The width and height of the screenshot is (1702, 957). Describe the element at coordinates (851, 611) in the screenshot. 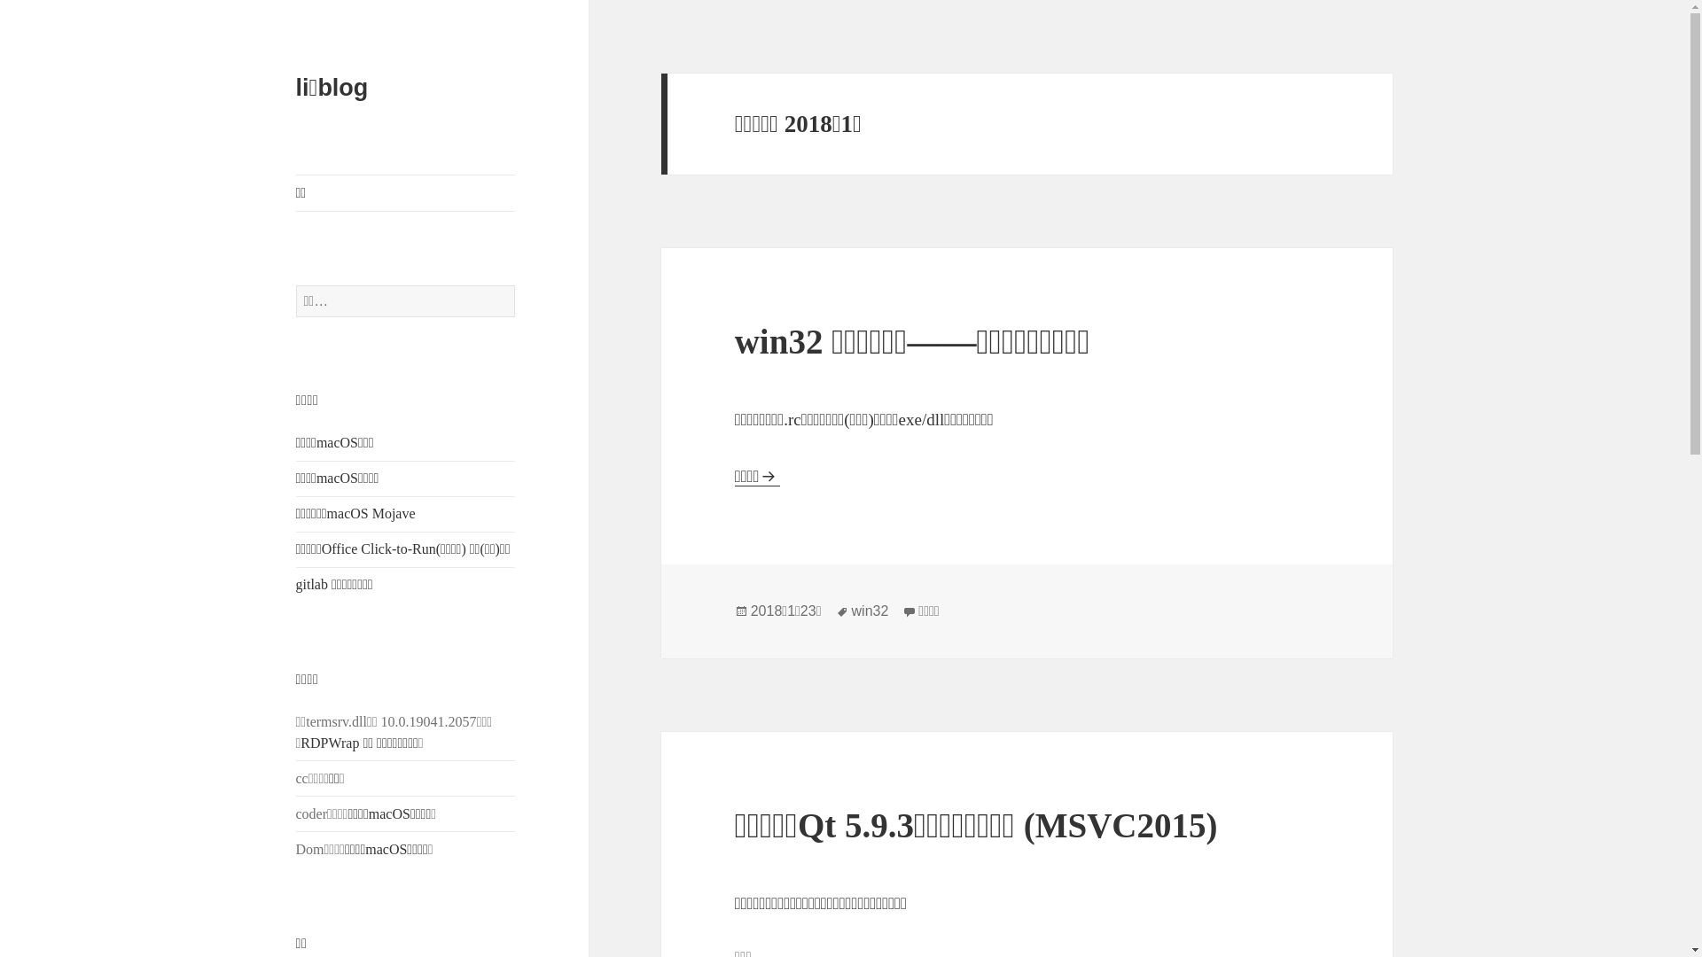

I see `'win32'` at that location.